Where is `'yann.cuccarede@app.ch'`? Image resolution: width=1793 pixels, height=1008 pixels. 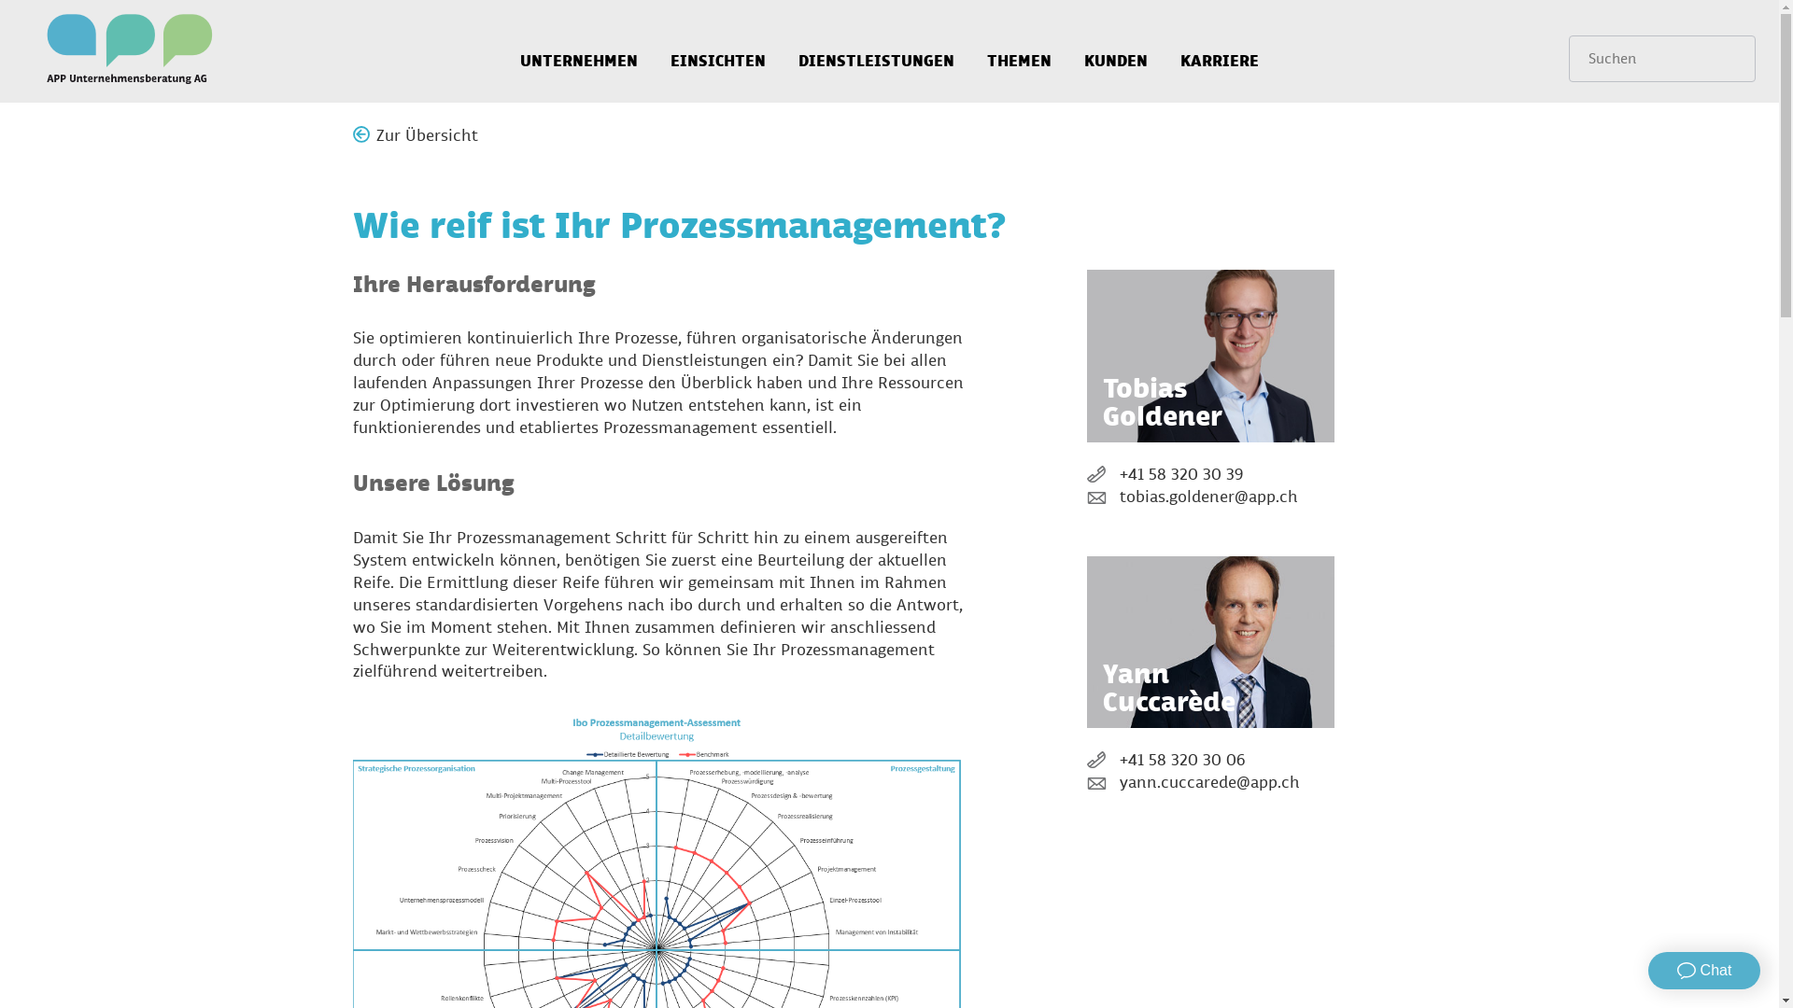
'yann.cuccarede@app.ch' is located at coordinates (1210, 784).